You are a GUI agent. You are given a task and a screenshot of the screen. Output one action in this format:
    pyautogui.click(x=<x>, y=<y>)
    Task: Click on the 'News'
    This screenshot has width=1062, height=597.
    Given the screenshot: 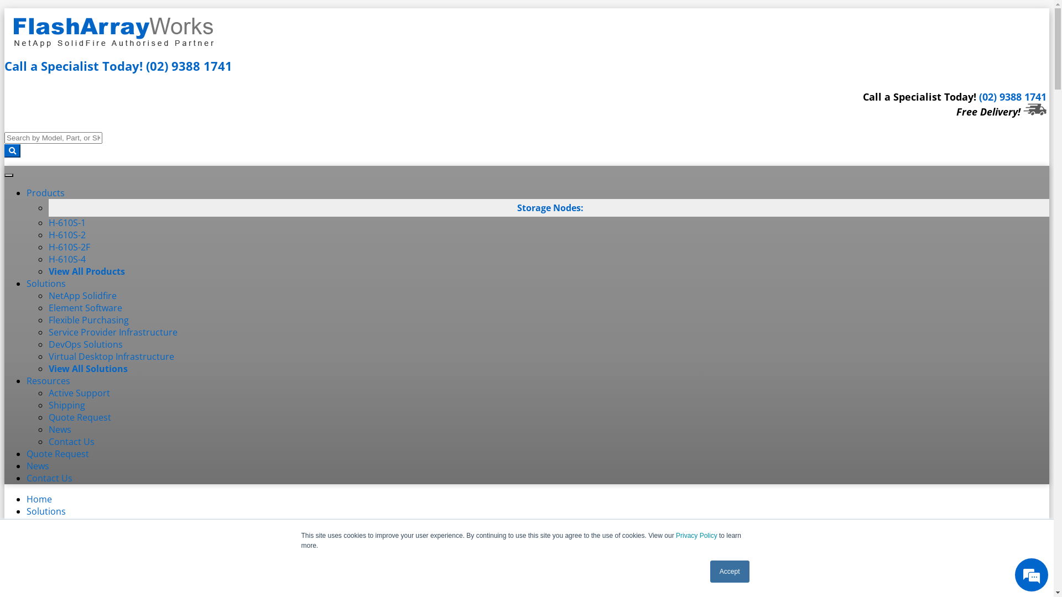 What is the action you would take?
    pyautogui.click(x=48, y=428)
    